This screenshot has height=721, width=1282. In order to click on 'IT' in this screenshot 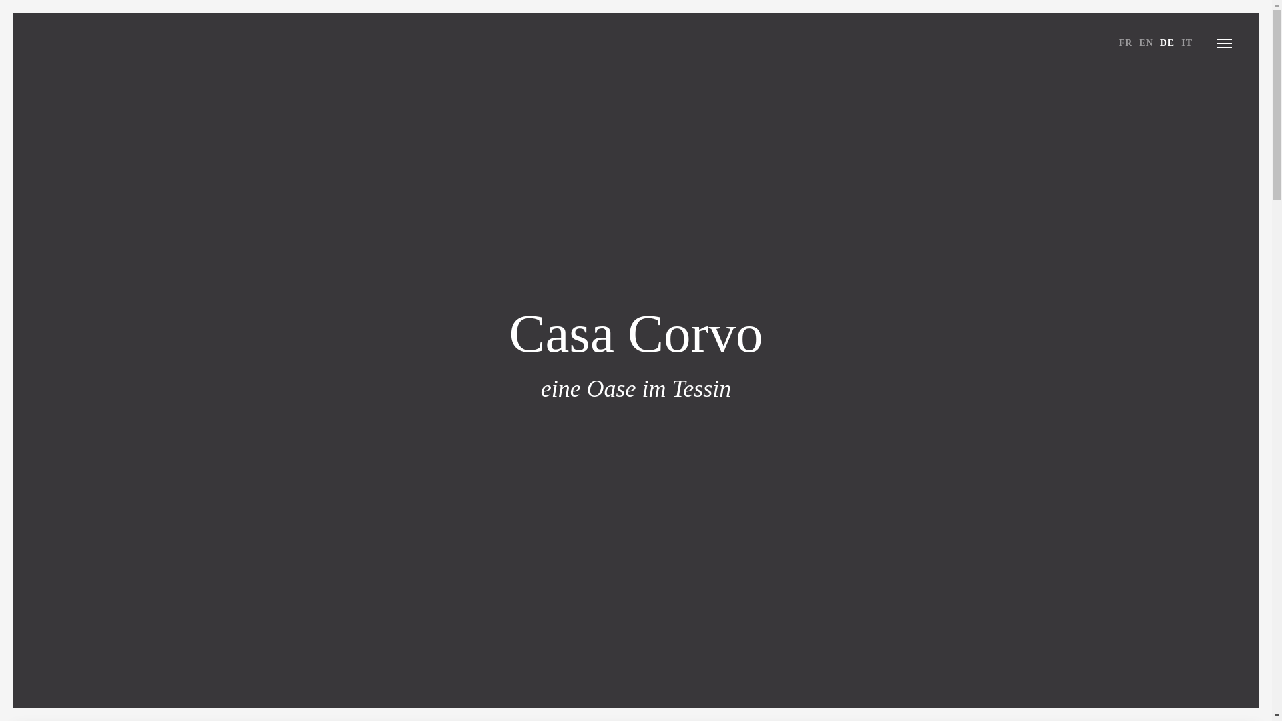, I will do `click(1187, 42)`.